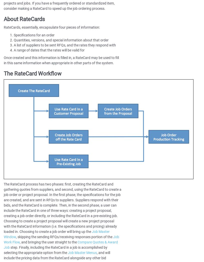  Describe the element at coordinates (61, 239) in the screenshot. I see `'Job Work Flow'` at that location.